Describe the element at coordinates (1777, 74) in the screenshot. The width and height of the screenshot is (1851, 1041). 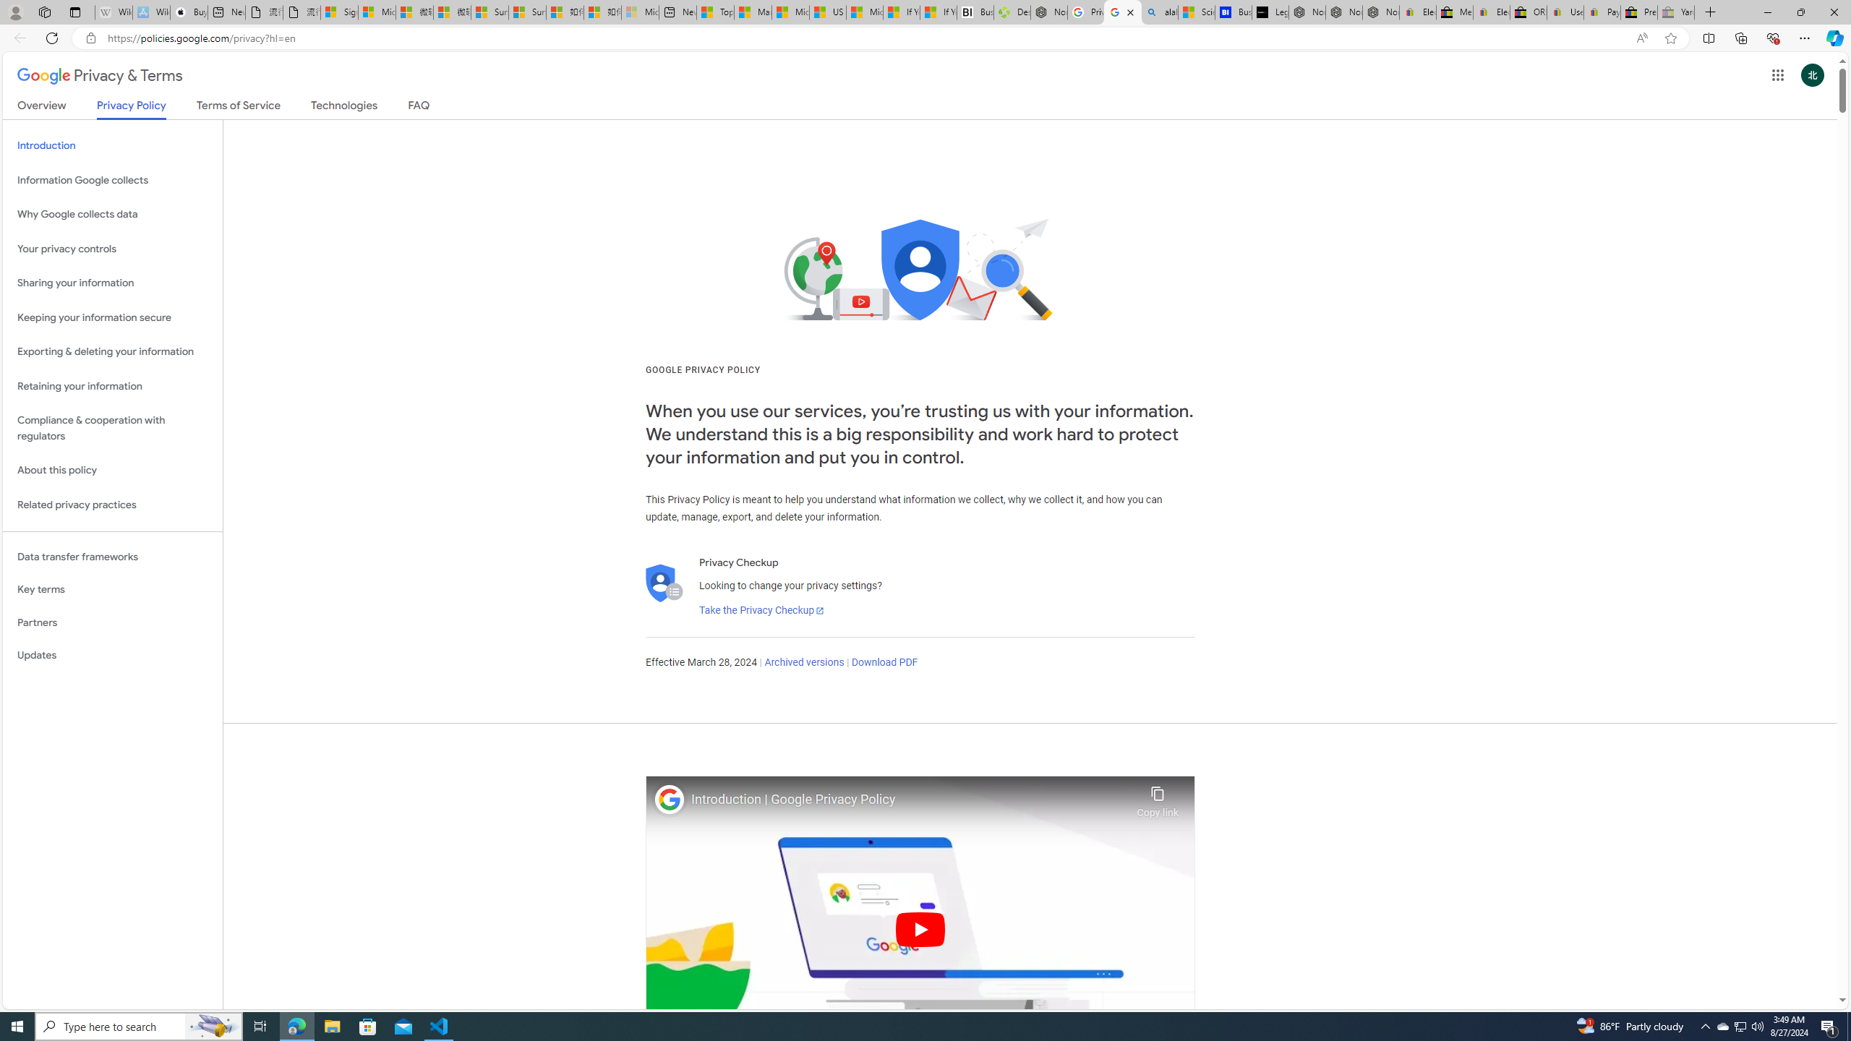
I see `'Class: gb_E'` at that location.